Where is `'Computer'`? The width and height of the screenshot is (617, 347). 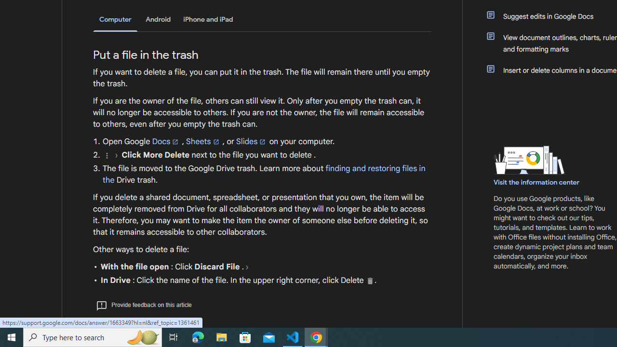
'Computer' is located at coordinates (115, 20).